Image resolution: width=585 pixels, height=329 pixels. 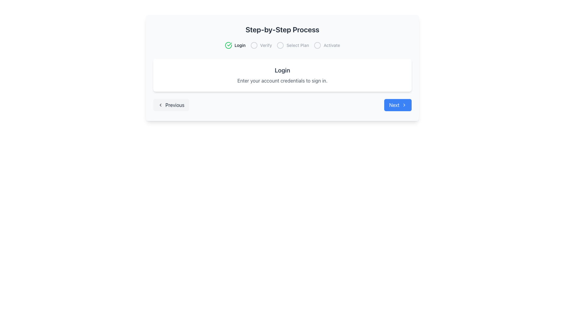 I want to click on the state of the inactive circular icon next to the 'Verify' label in the stepper navigation bar, so click(x=254, y=45).